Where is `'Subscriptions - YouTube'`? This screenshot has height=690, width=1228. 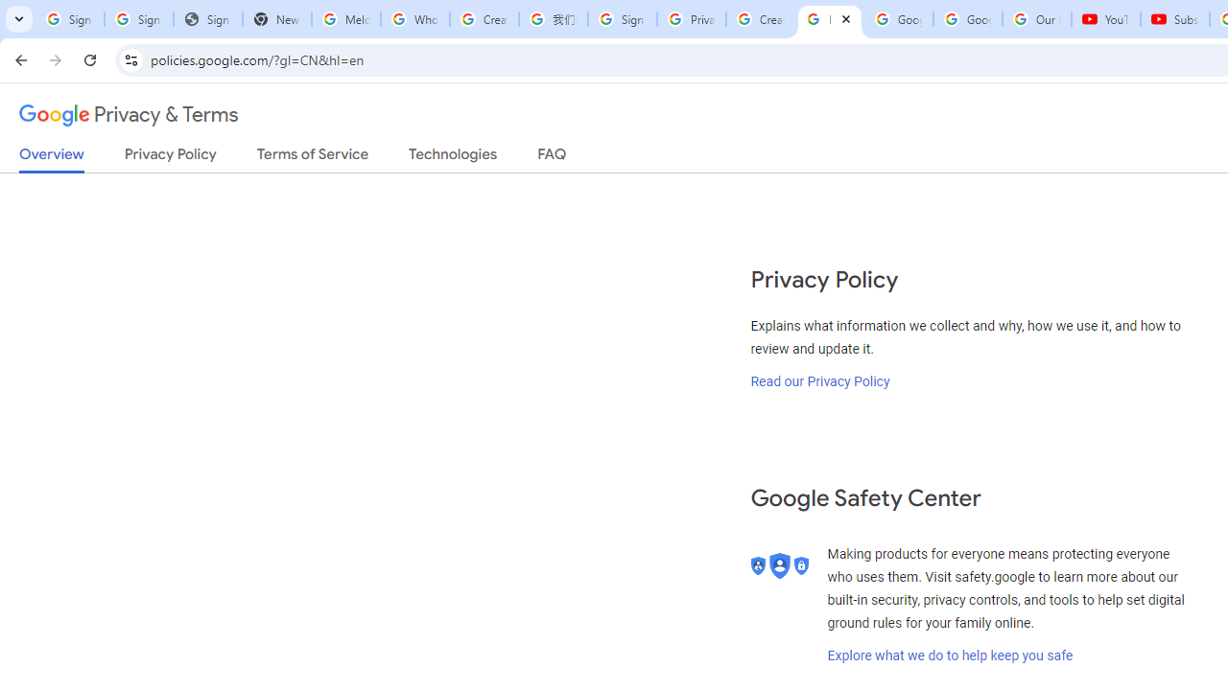 'Subscriptions - YouTube' is located at coordinates (1173, 19).